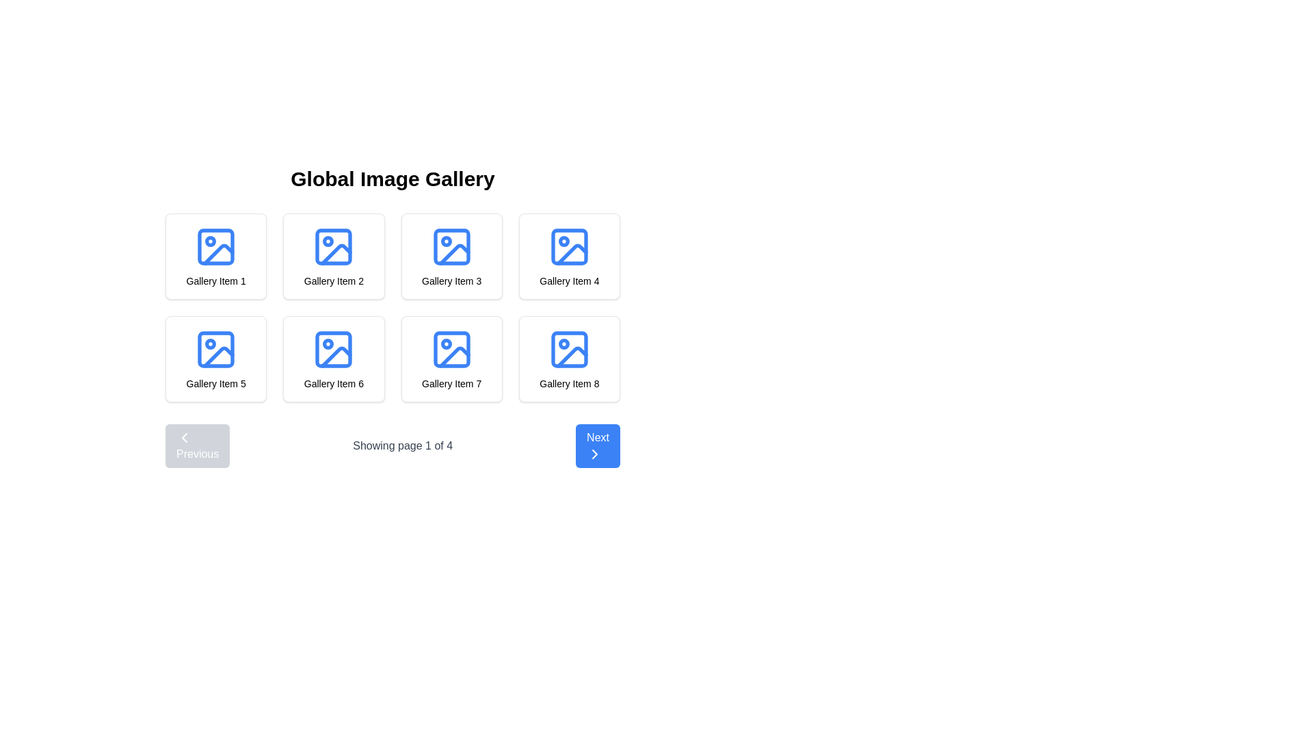  I want to click on the Gallery Item 1 icon located in the top-left corner of the gallery grid, represented by a pictorial icon within the SVG component, so click(215, 247).